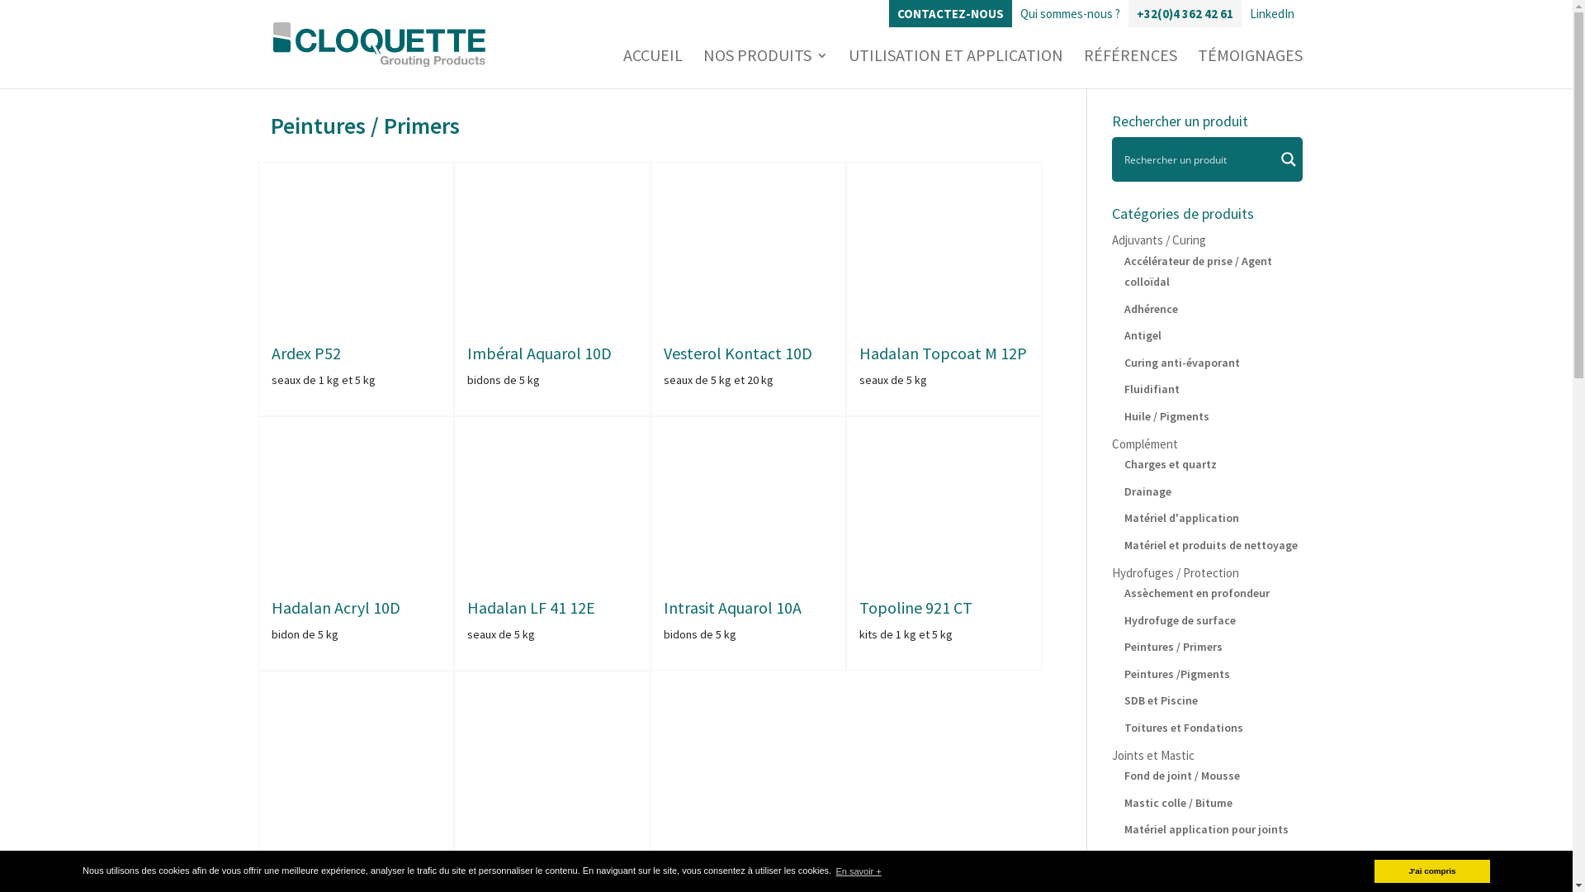 This screenshot has height=892, width=1585. Describe the element at coordinates (1070, 13) in the screenshot. I see `'Qui sommes-nous ?'` at that location.